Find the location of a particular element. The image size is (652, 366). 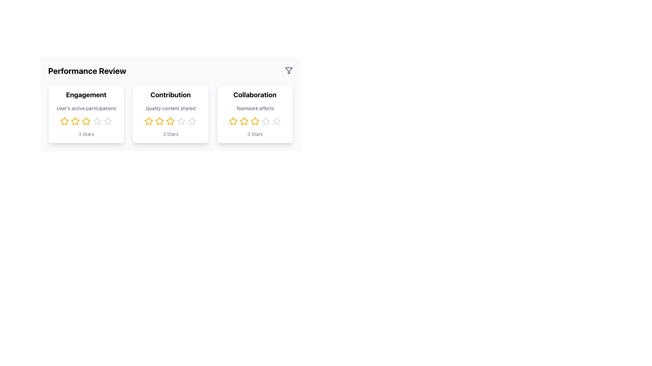

the third star-shaped rating icon with a yellow outline and white fill in the 'Contribution' section of the quality content evaluation is located at coordinates (170, 121).